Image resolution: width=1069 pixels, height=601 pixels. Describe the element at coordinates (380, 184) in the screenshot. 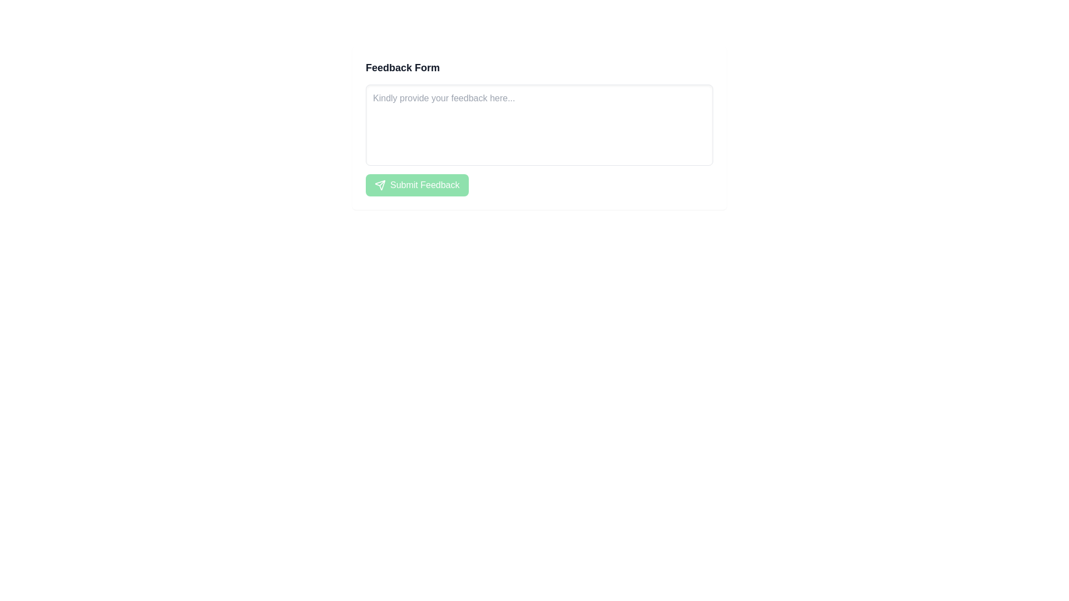

I see `the 'Submit Feedback' button which contains the Decorative icon` at that location.